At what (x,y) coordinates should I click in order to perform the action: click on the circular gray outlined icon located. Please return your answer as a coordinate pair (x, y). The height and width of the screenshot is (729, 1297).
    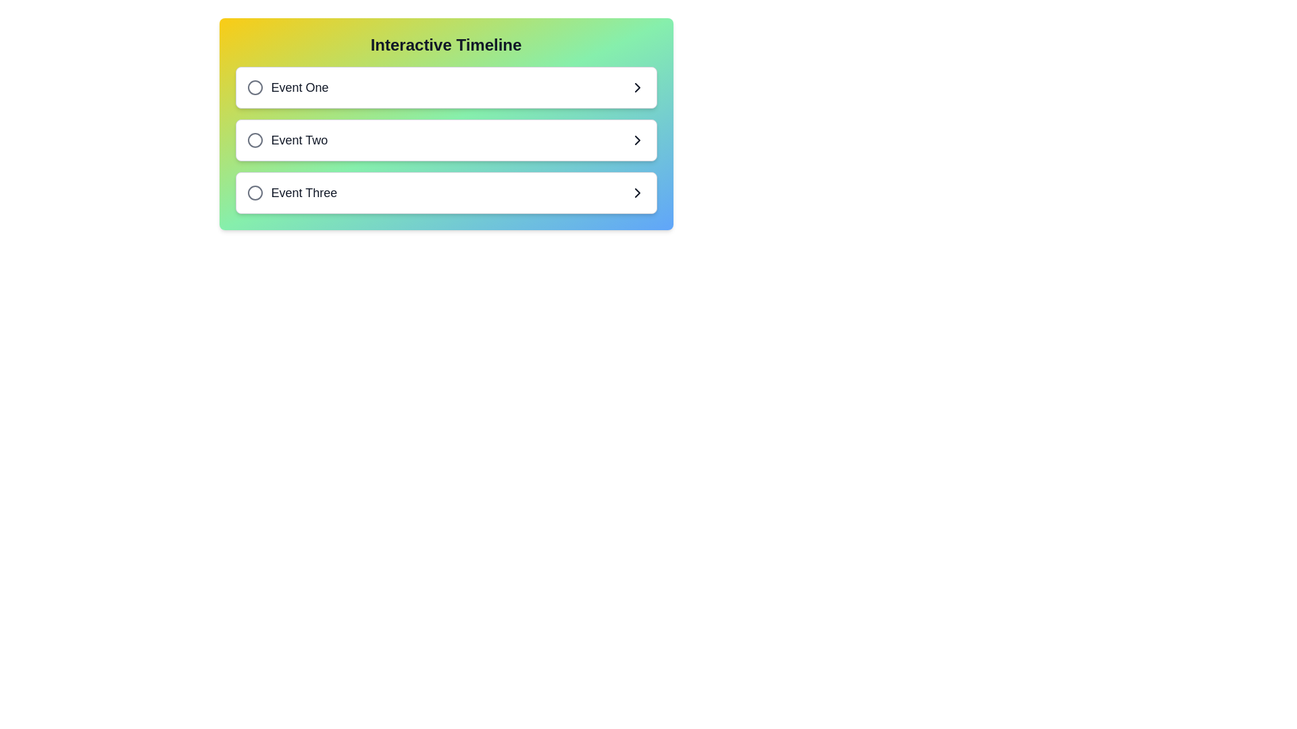
    Looking at the image, I should click on (255, 192).